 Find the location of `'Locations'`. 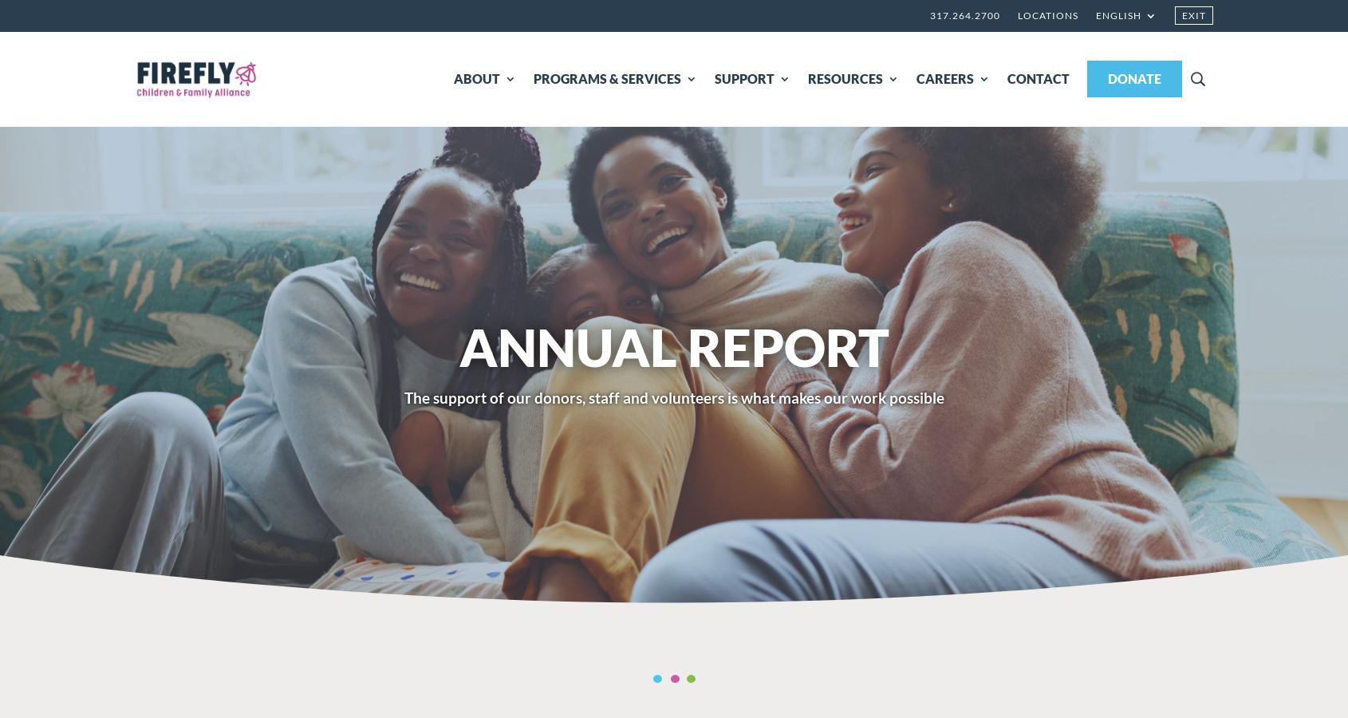

'Locations' is located at coordinates (1047, 14).